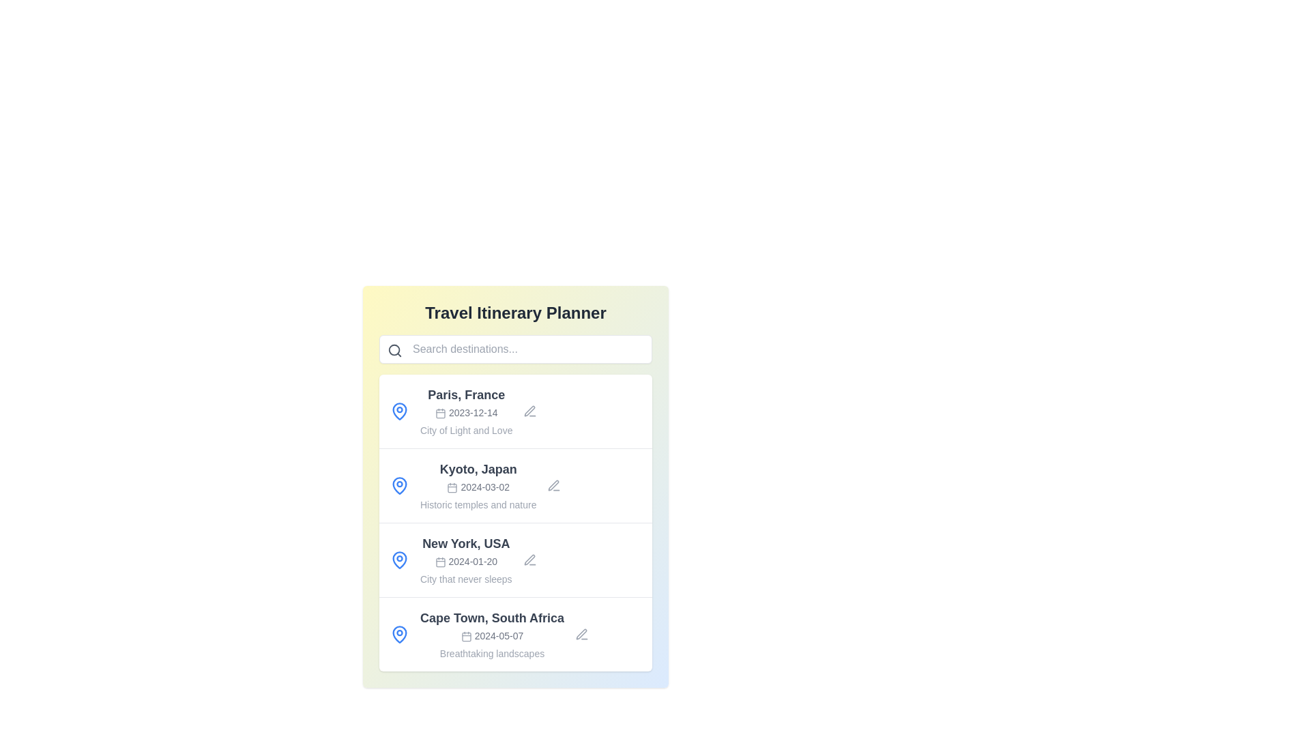 This screenshot has height=737, width=1310. What do you see at coordinates (398, 409) in the screenshot?
I see `the blue outline map pin icon located to the left of the text 'Paris, France' to interact with the associated destination` at bounding box center [398, 409].